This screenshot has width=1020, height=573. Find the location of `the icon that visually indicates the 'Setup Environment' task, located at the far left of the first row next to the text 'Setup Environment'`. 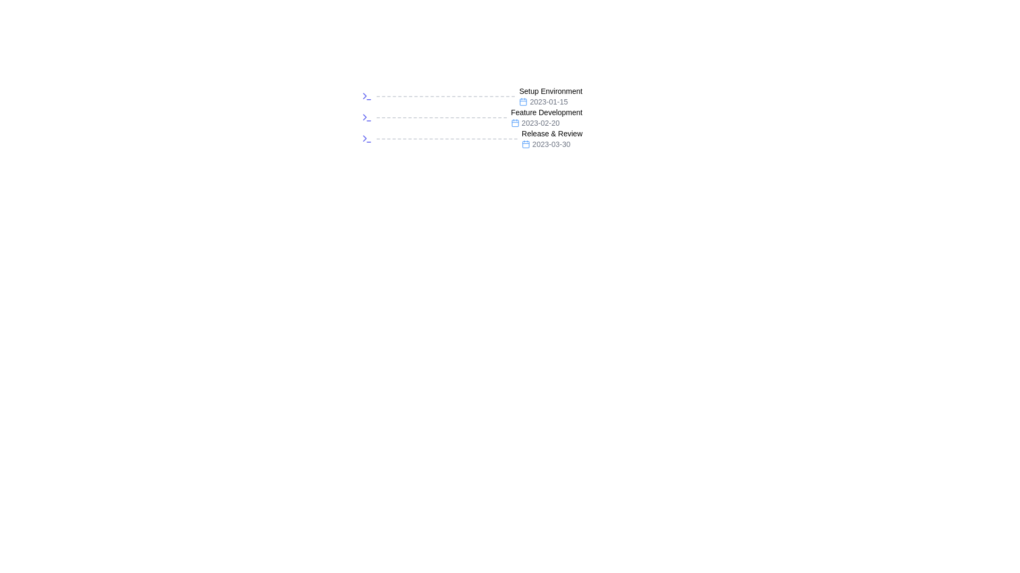

the icon that visually indicates the 'Setup Environment' task, located at the far left of the first row next to the text 'Setup Environment' is located at coordinates (367, 96).